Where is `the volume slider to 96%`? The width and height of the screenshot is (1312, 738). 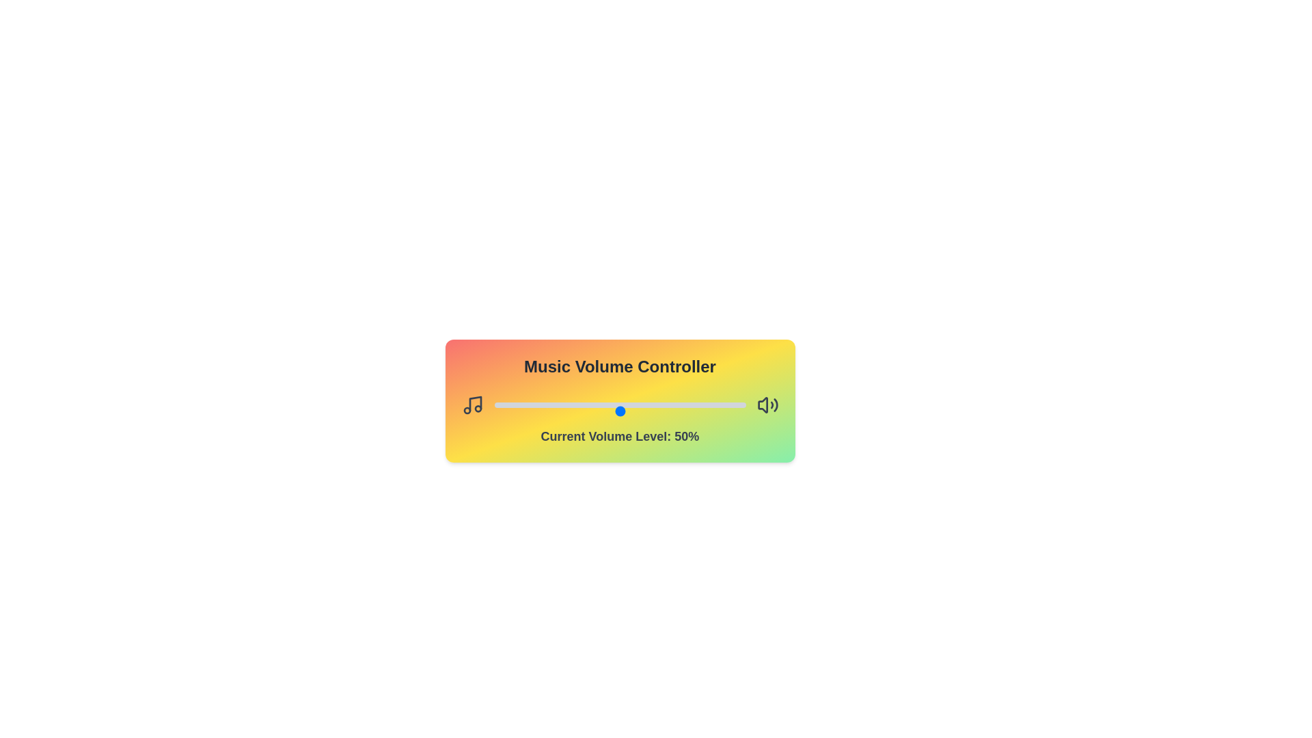 the volume slider to 96% is located at coordinates (735, 410).